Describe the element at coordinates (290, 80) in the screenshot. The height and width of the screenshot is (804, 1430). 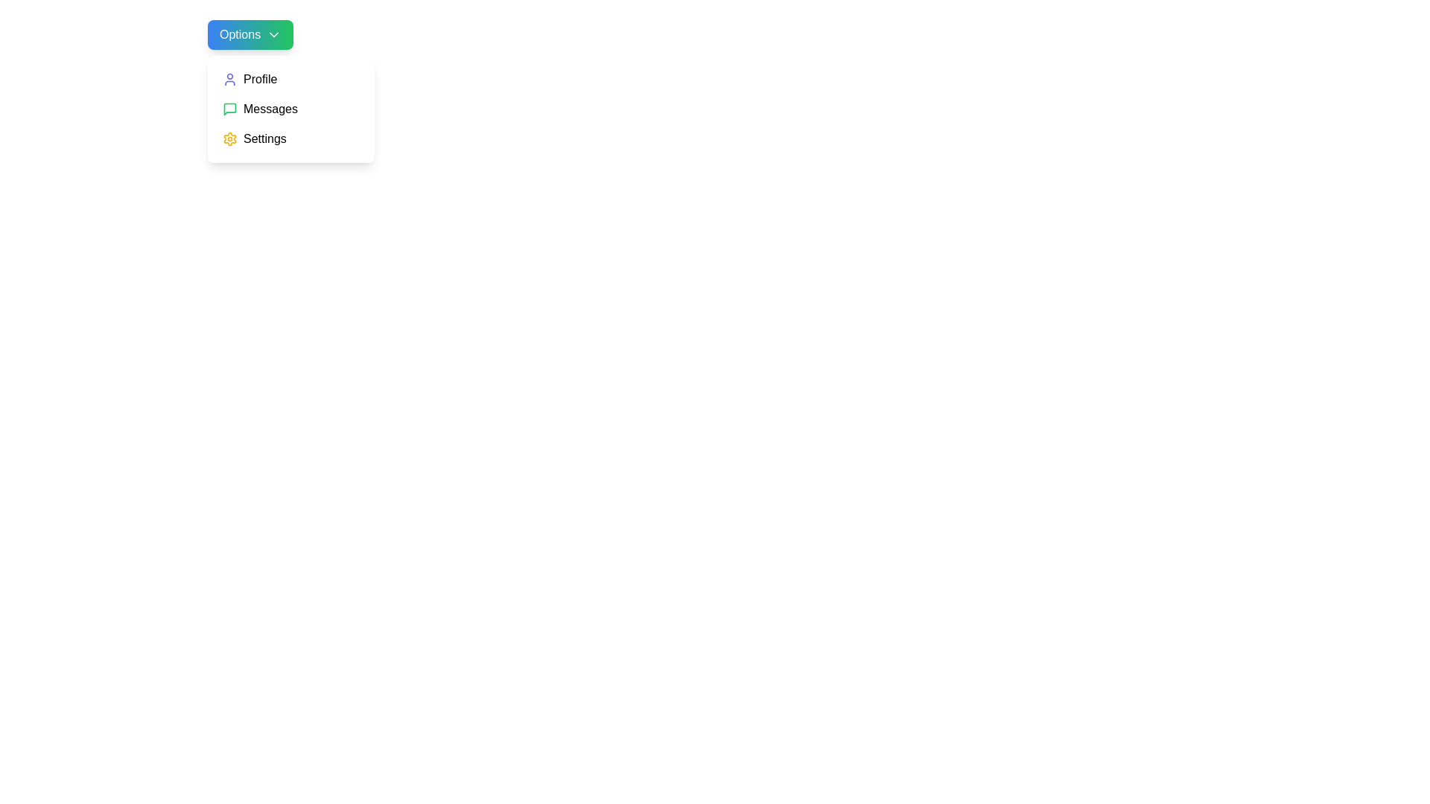
I see `the Profile option in the dropdown menu` at that location.